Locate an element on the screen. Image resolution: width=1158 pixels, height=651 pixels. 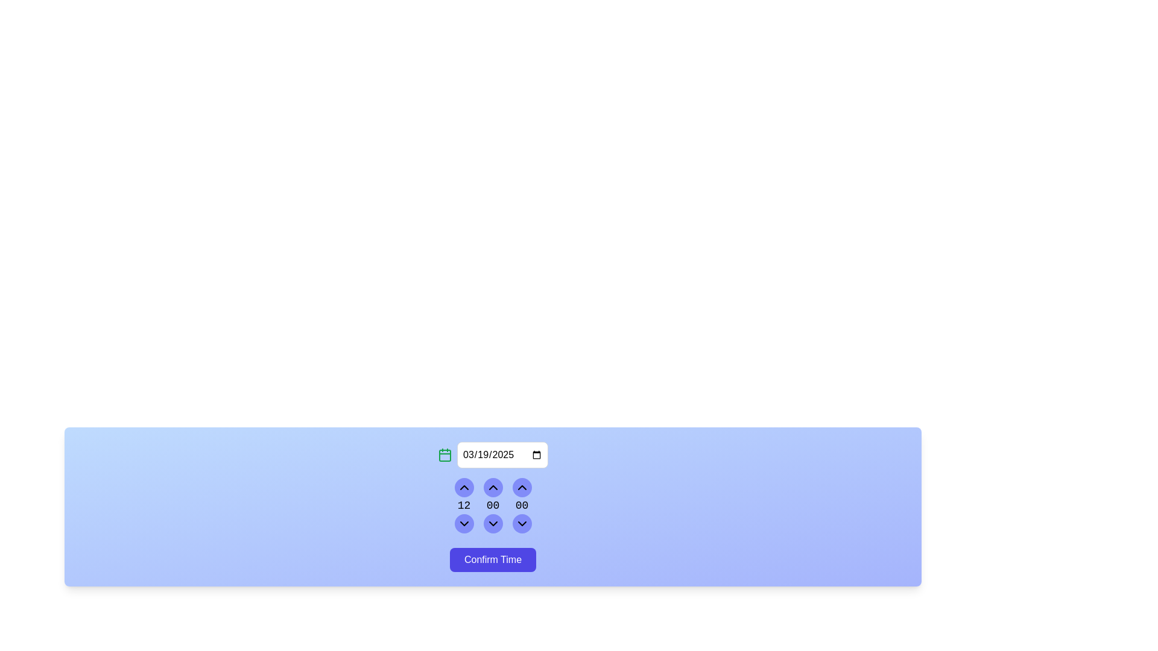
the chevron-up icon button within the circular gradient background to observe visual feedback is located at coordinates (463, 487).